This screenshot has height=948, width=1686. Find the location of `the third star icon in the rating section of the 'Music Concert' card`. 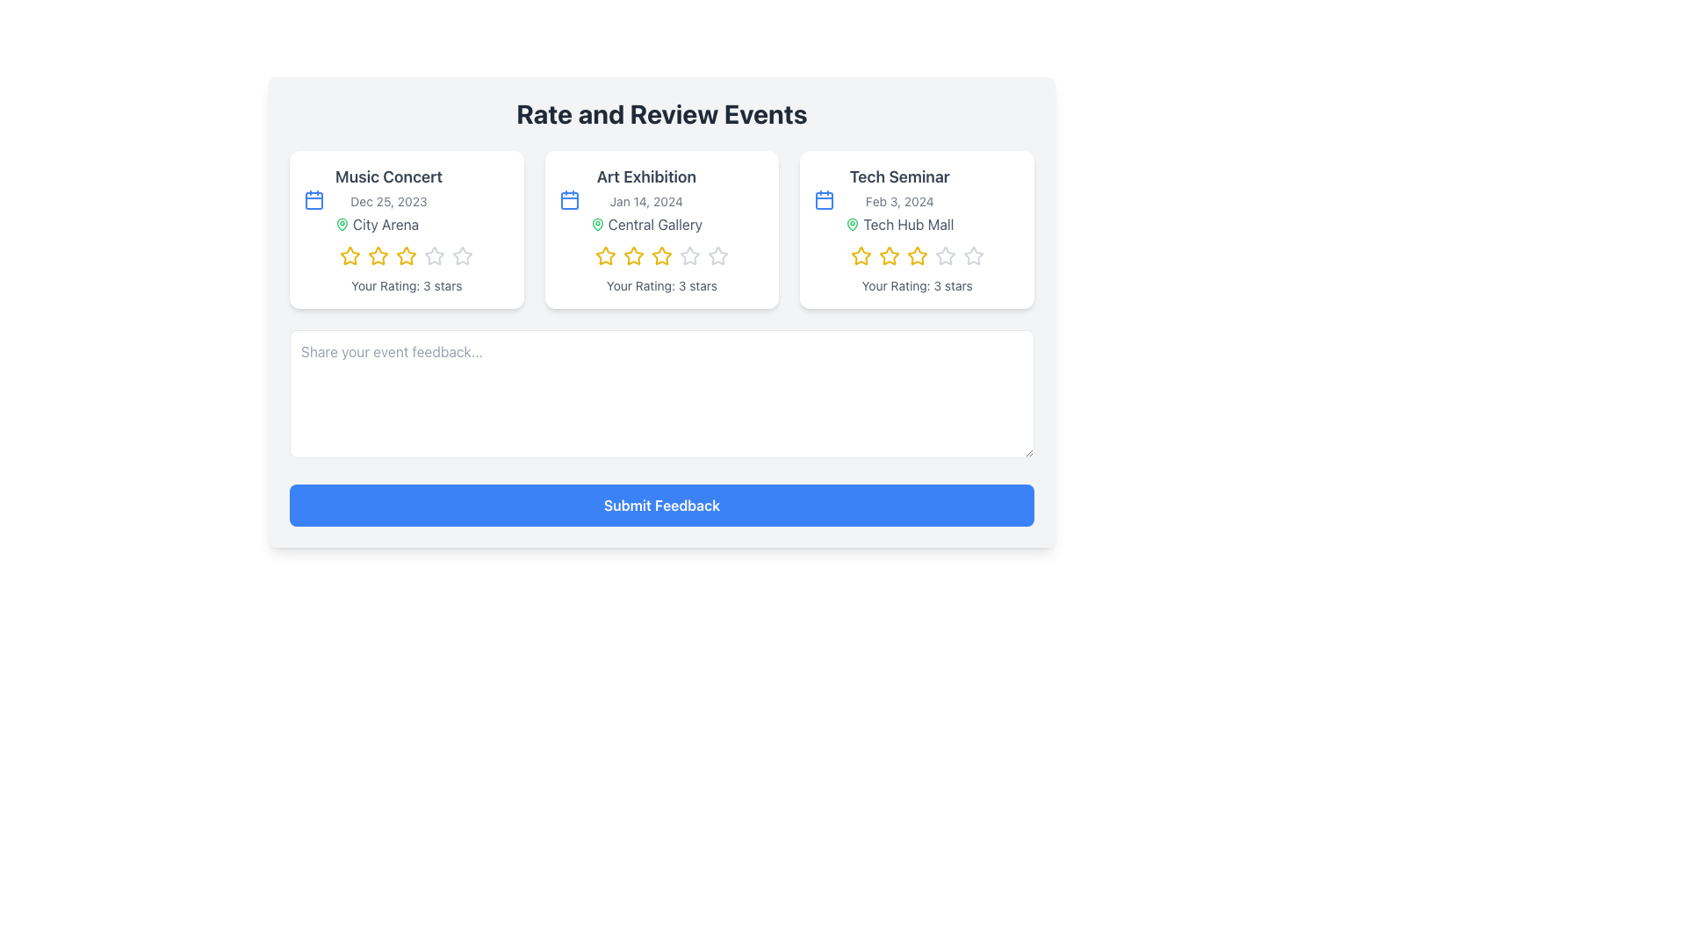

the third star icon in the rating section of the 'Music Concert' card is located at coordinates (406, 256).